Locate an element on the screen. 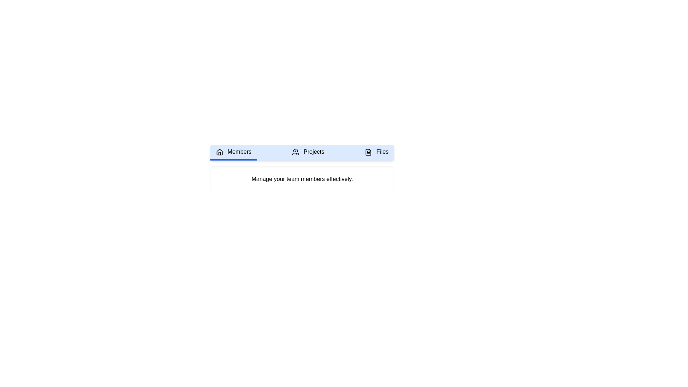 The width and height of the screenshot is (688, 387). the 'Projects' tab icon in the navigation bar, which is positioned centrally between the 'Members' and 'Files' tabs is located at coordinates (295, 152).